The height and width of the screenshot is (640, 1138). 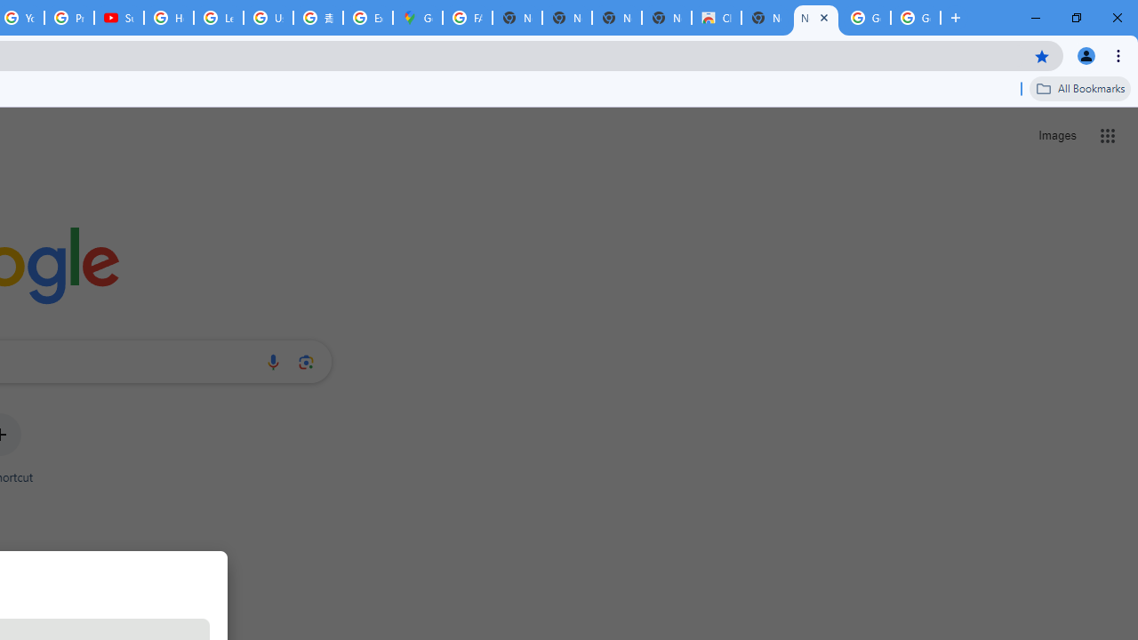 I want to click on 'Chrome Web Store', so click(x=717, y=18).